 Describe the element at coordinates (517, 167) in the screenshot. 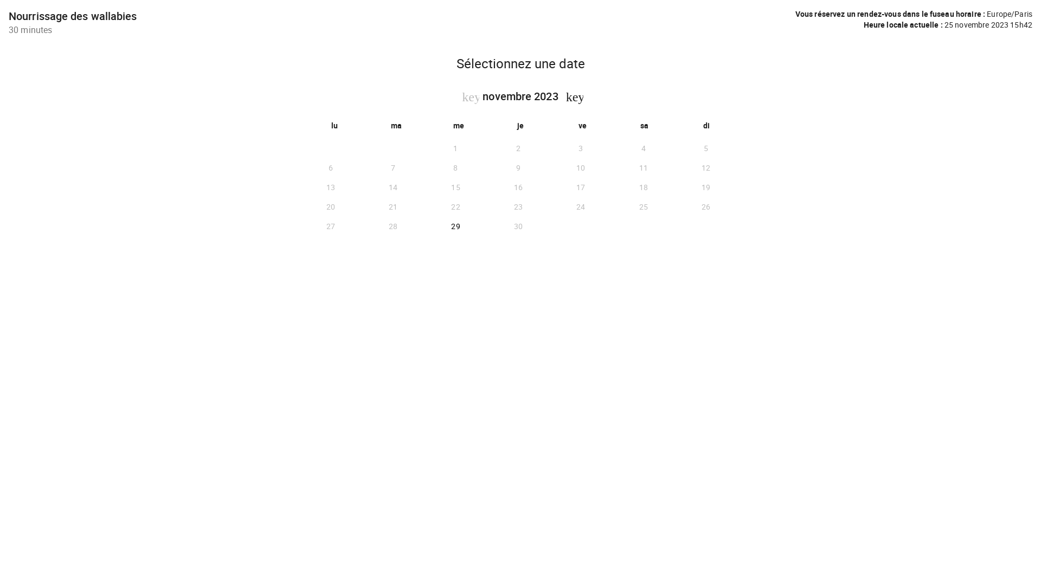

I see `'9'` at that location.